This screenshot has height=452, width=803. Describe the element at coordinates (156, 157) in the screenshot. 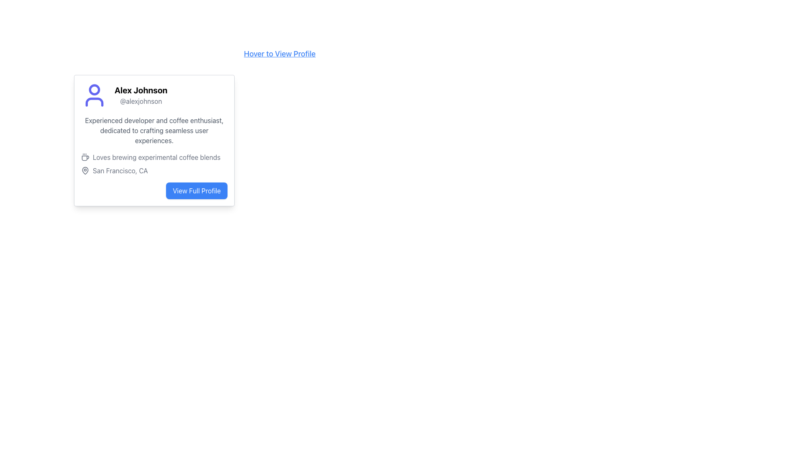

I see `the static text element displaying user preferences or hobbies, located at the lower portion of the card next to a coffee cup icon` at that location.